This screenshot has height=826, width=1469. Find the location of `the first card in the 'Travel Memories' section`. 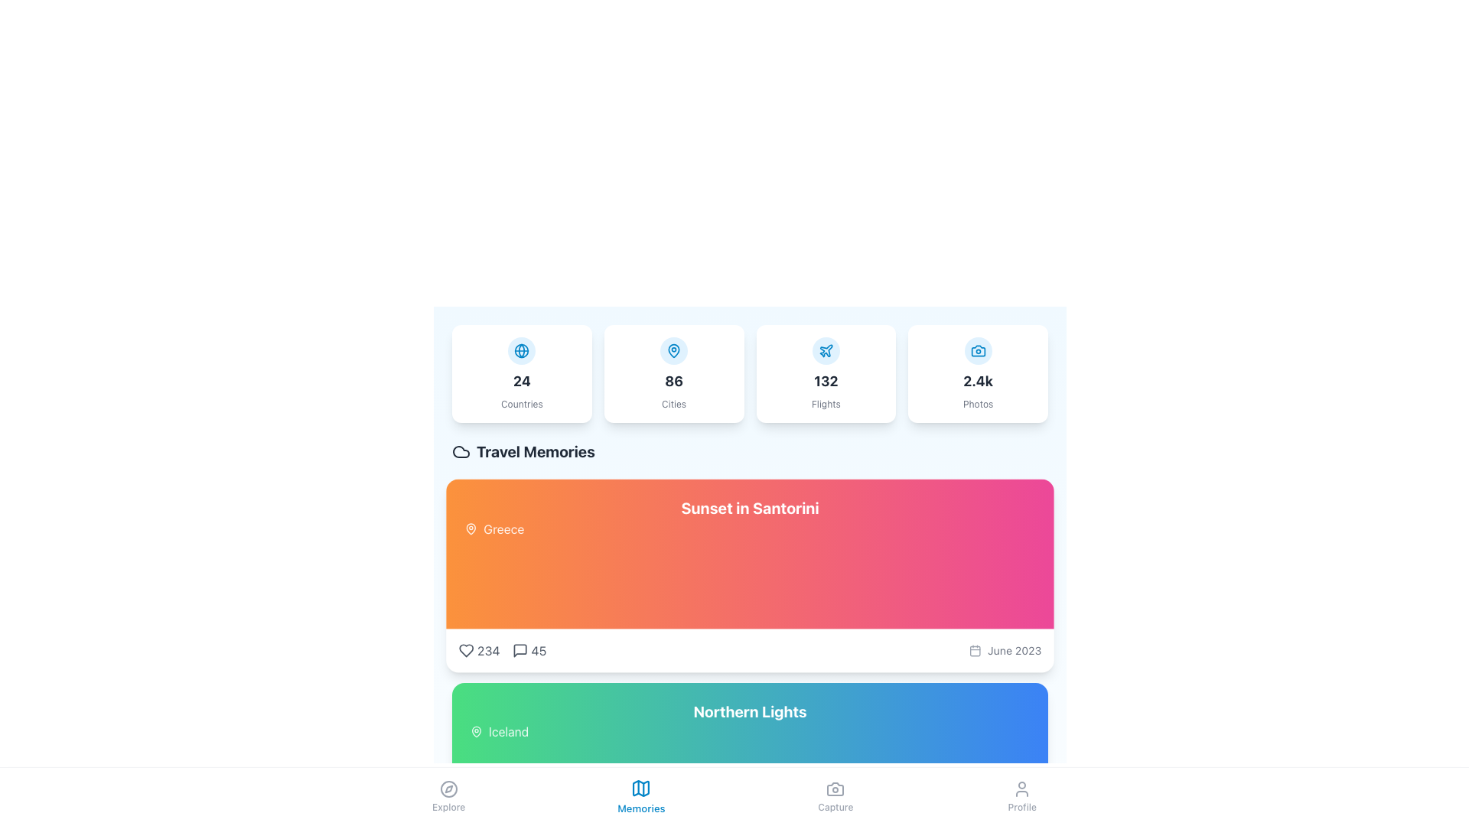

the first card in the 'Travel Memories' section is located at coordinates (750, 575).